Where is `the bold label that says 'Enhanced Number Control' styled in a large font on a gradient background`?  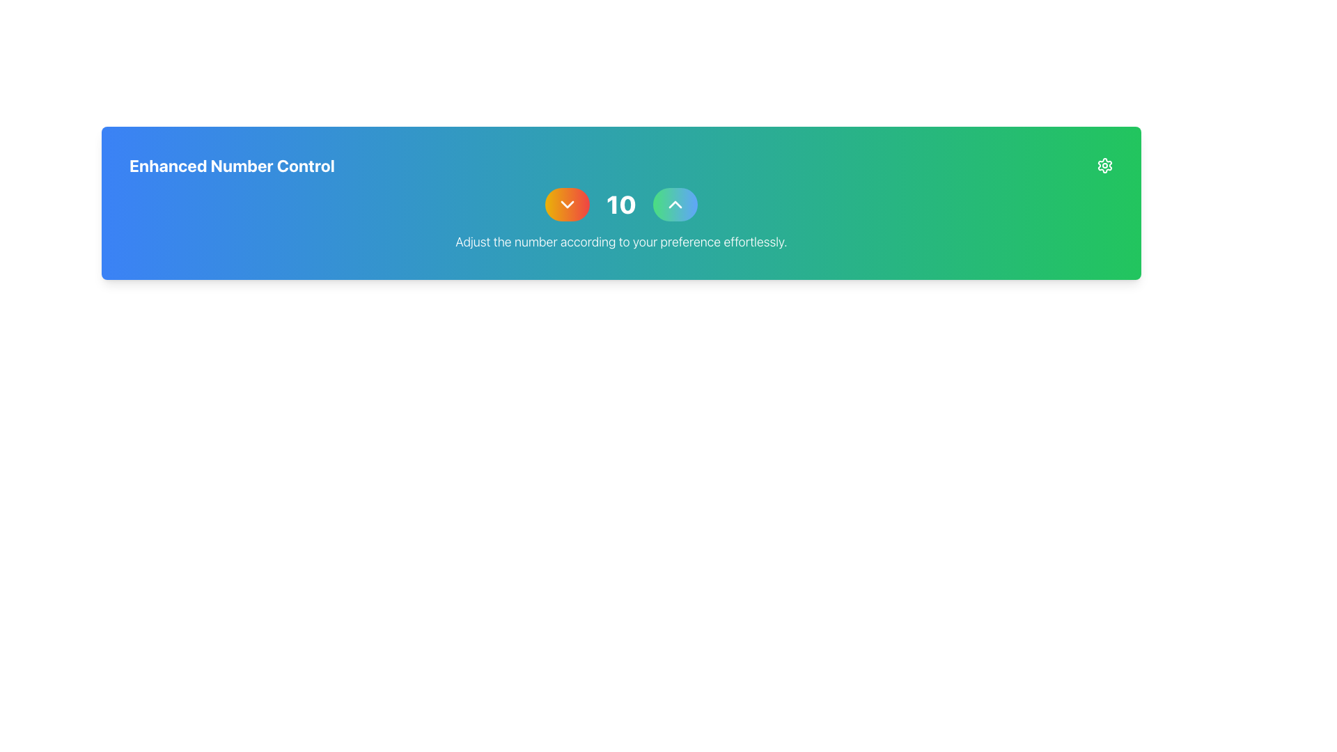
the bold label that says 'Enhanced Number Control' styled in a large font on a gradient background is located at coordinates (232, 165).